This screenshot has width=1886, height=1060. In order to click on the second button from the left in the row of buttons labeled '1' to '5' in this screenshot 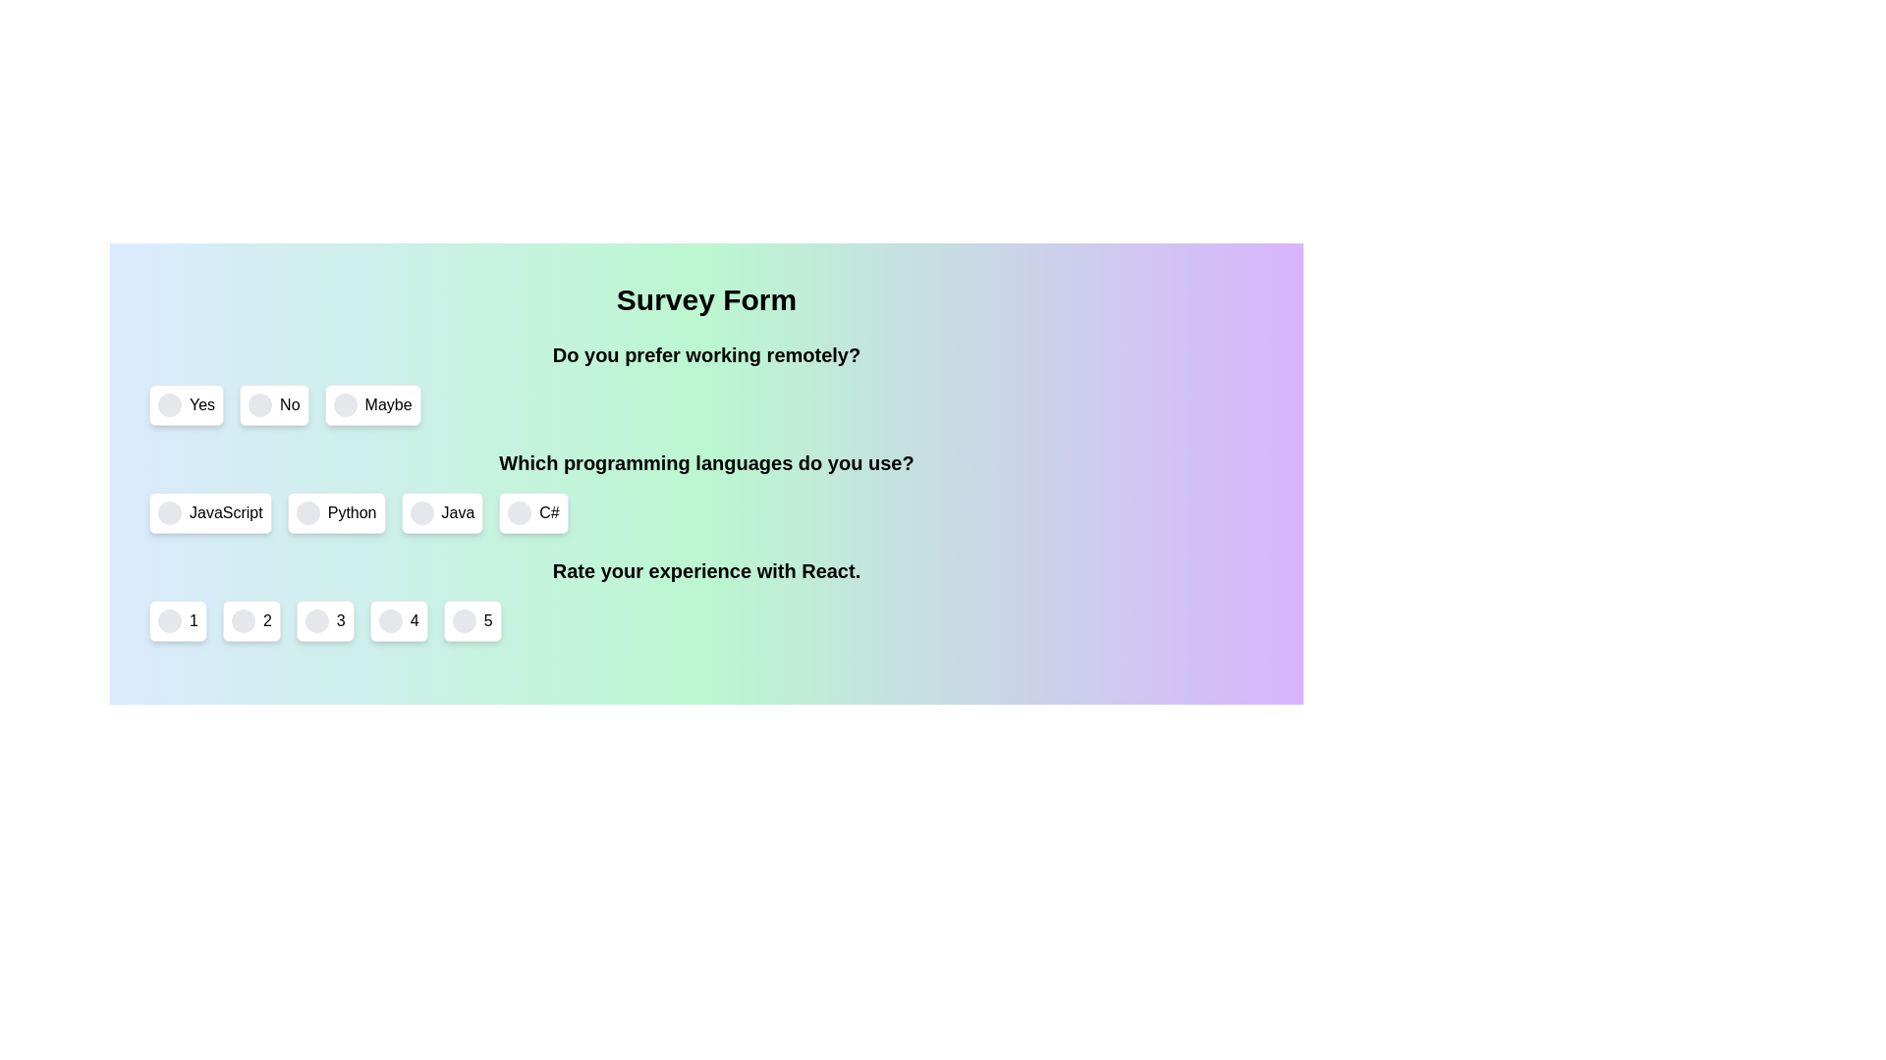, I will do `click(250, 620)`.